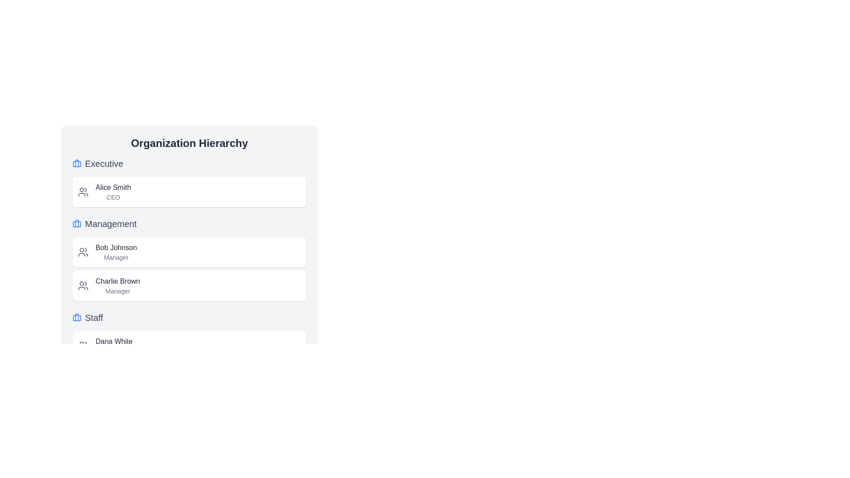 Image resolution: width=850 pixels, height=478 pixels. Describe the element at coordinates (104, 164) in the screenshot. I see `the 'Executive' text label, which is prominently styled with a large font size and medium weight, following a blue briefcase icon in the executive section` at that location.